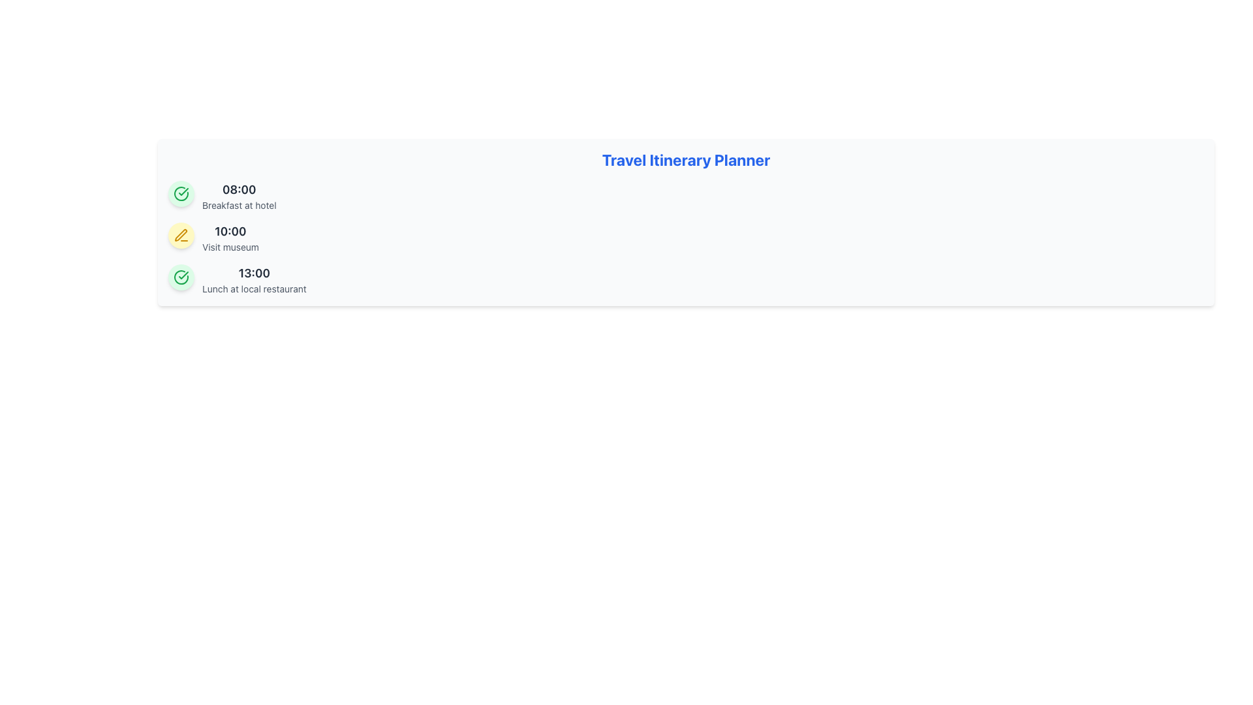 Image resolution: width=1253 pixels, height=705 pixels. What do you see at coordinates (181, 236) in the screenshot?
I see `the Icon Button positioned to the left of the 10:00 activity` at bounding box center [181, 236].